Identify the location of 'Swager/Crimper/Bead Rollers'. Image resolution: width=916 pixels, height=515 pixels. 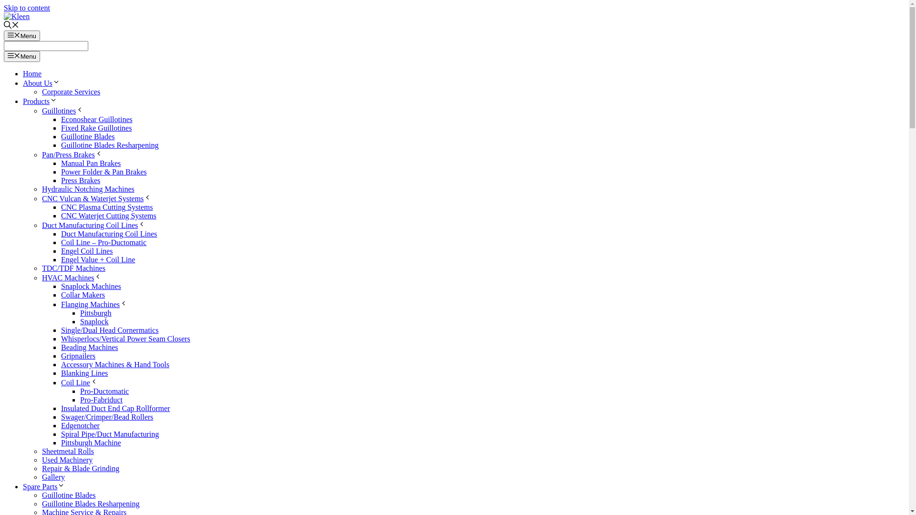
(107, 416).